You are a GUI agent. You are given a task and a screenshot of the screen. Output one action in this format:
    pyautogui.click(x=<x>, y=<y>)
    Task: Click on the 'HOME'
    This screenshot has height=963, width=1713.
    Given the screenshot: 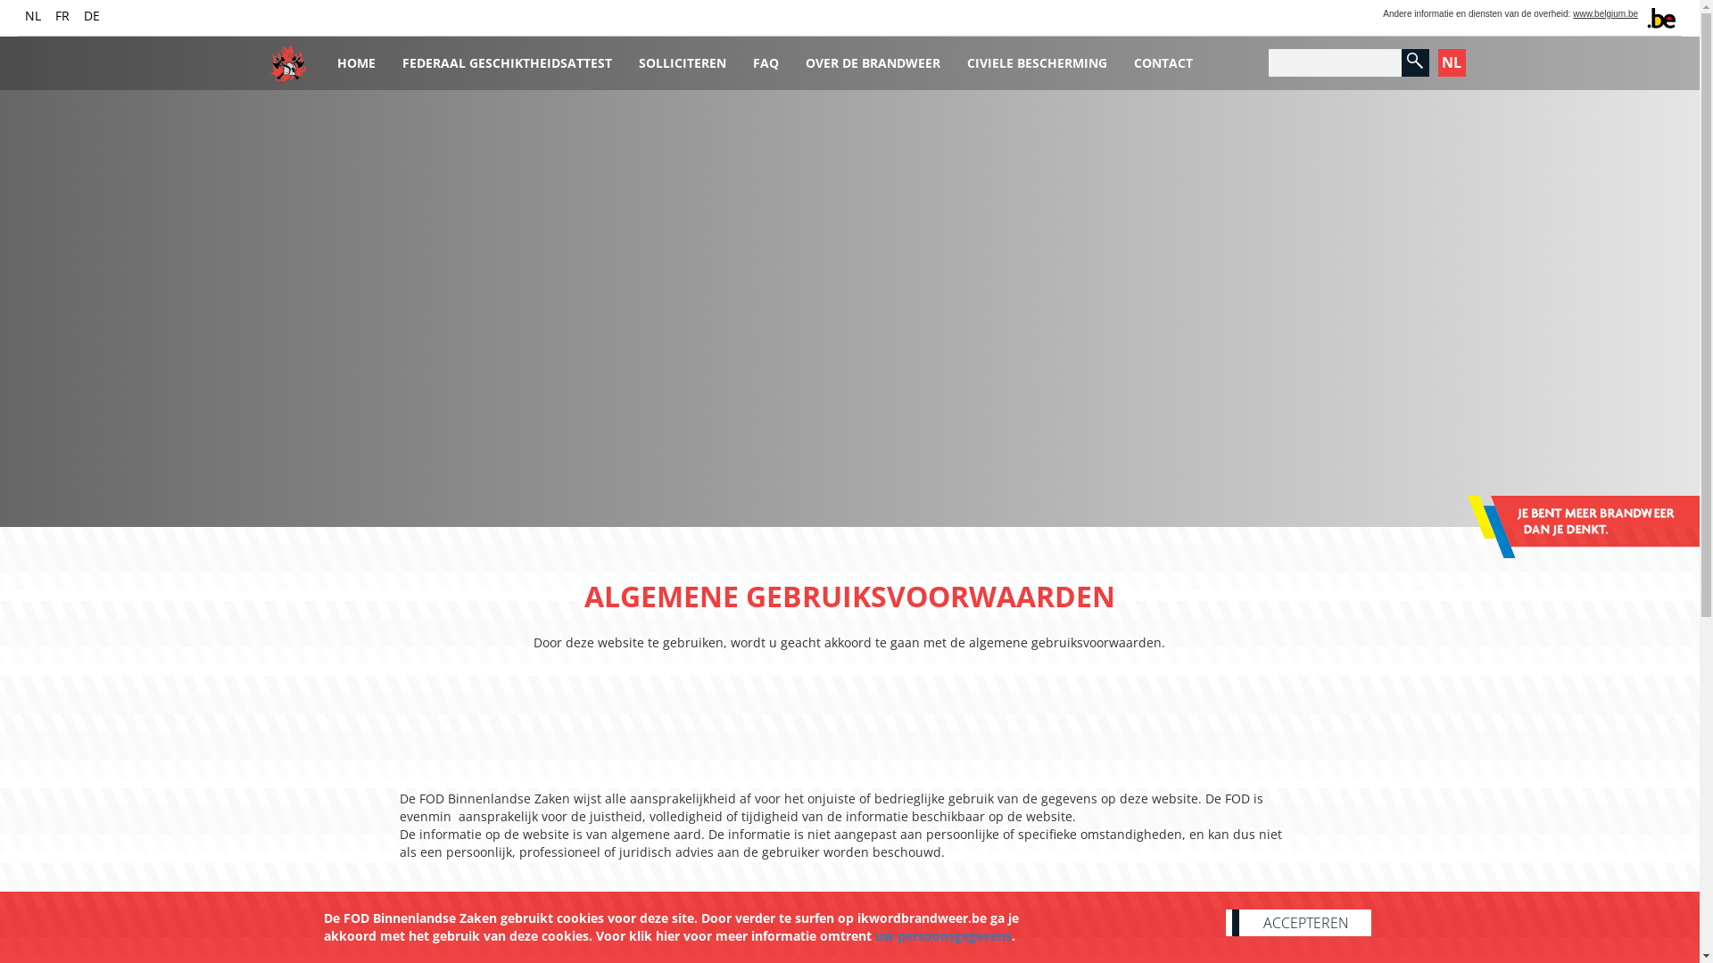 What is the action you would take?
    pyautogui.click(x=355, y=56)
    